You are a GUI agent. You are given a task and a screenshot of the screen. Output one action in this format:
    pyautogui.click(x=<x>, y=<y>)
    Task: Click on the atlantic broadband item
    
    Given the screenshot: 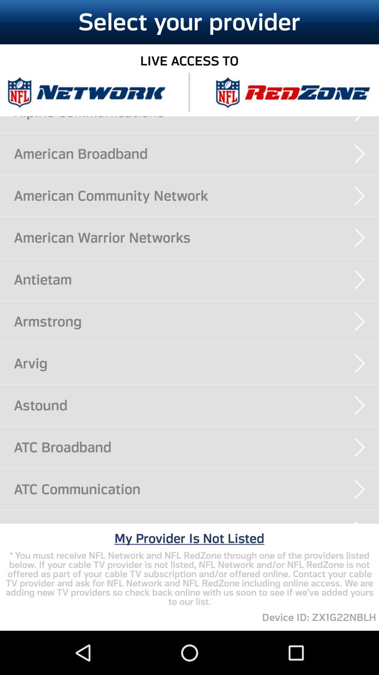 What is the action you would take?
    pyautogui.click(x=196, y=523)
    